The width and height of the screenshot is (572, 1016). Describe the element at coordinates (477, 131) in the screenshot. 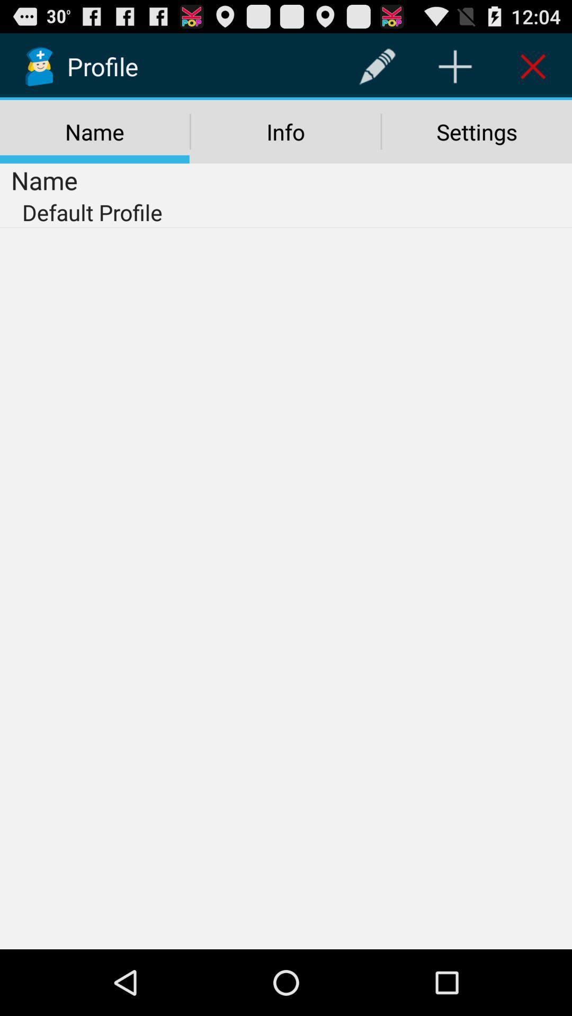

I see `the icon next to info icon` at that location.